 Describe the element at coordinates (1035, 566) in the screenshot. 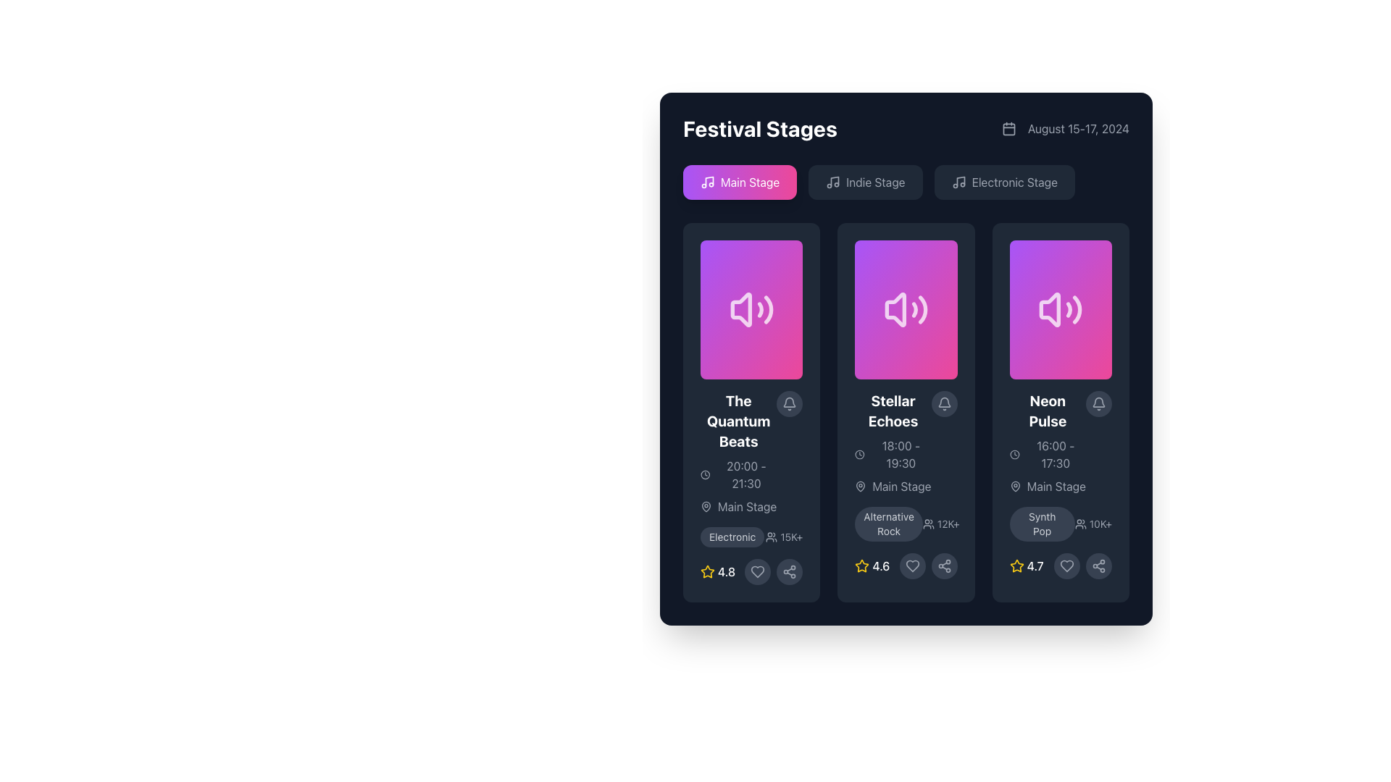

I see `the numeric rating text label of the 'Neon Pulse' event, which is located adjacent to the yellow star icon in the bottom section of the card` at that location.